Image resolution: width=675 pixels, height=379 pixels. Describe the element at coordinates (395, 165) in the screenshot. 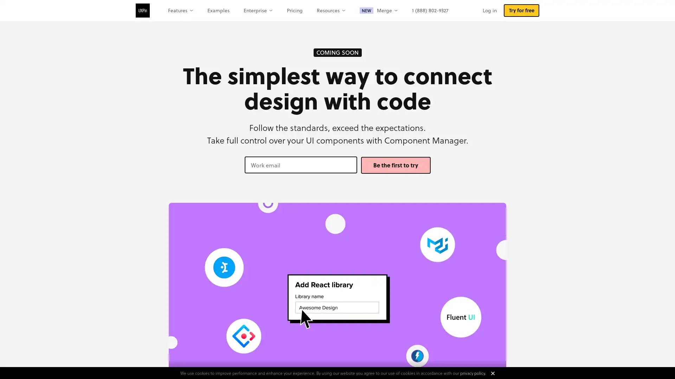

I see `Be the first to try` at that location.